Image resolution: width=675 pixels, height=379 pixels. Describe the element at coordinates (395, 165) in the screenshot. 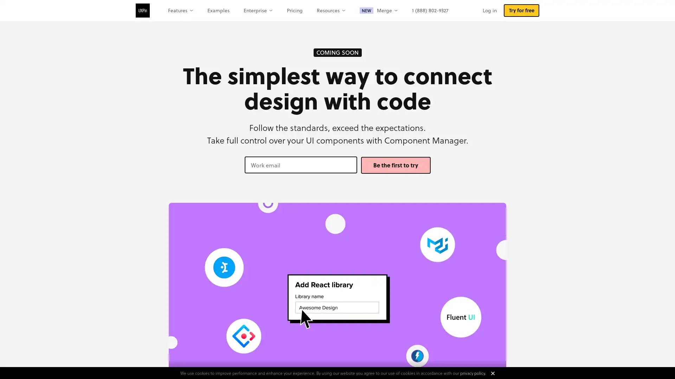

I see `Be the first to try` at that location.